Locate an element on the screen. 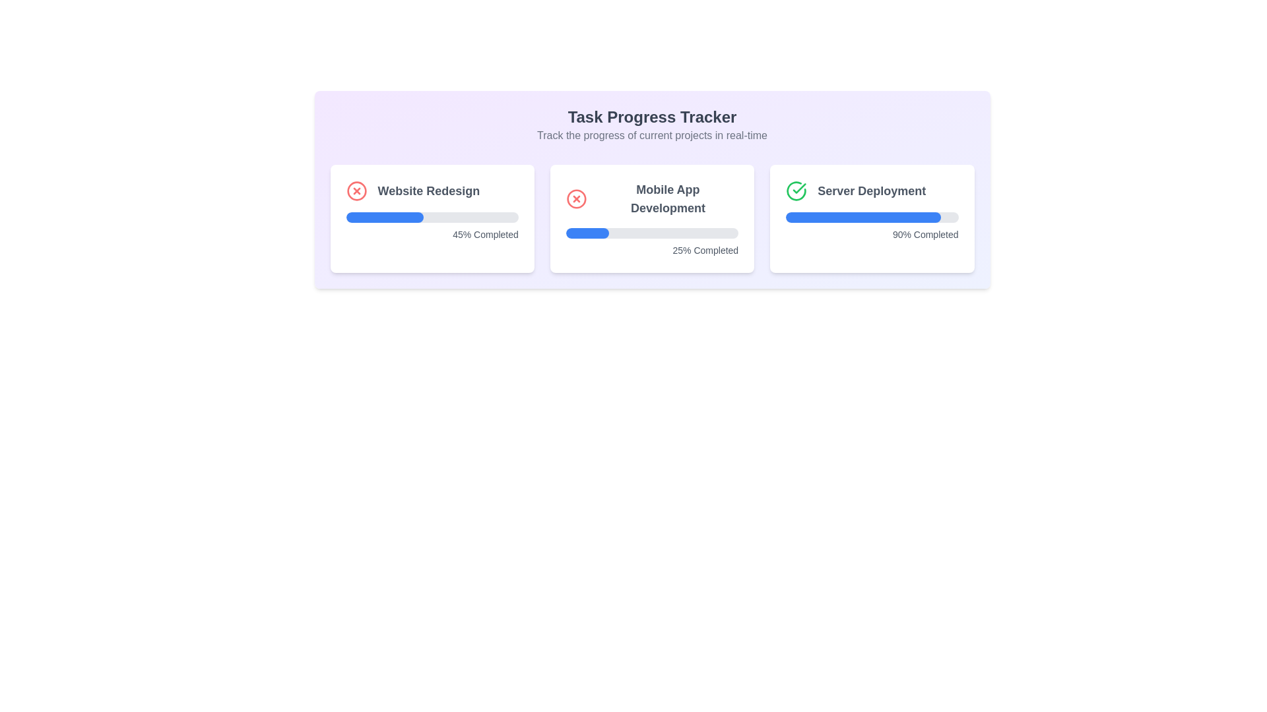 This screenshot has width=1267, height=712. information conveyed by the combined text element labeled 'Task Progress Tracker' and its subtitle 'Track the progress of current projects in real-time' is located at coordinates (652, 125).